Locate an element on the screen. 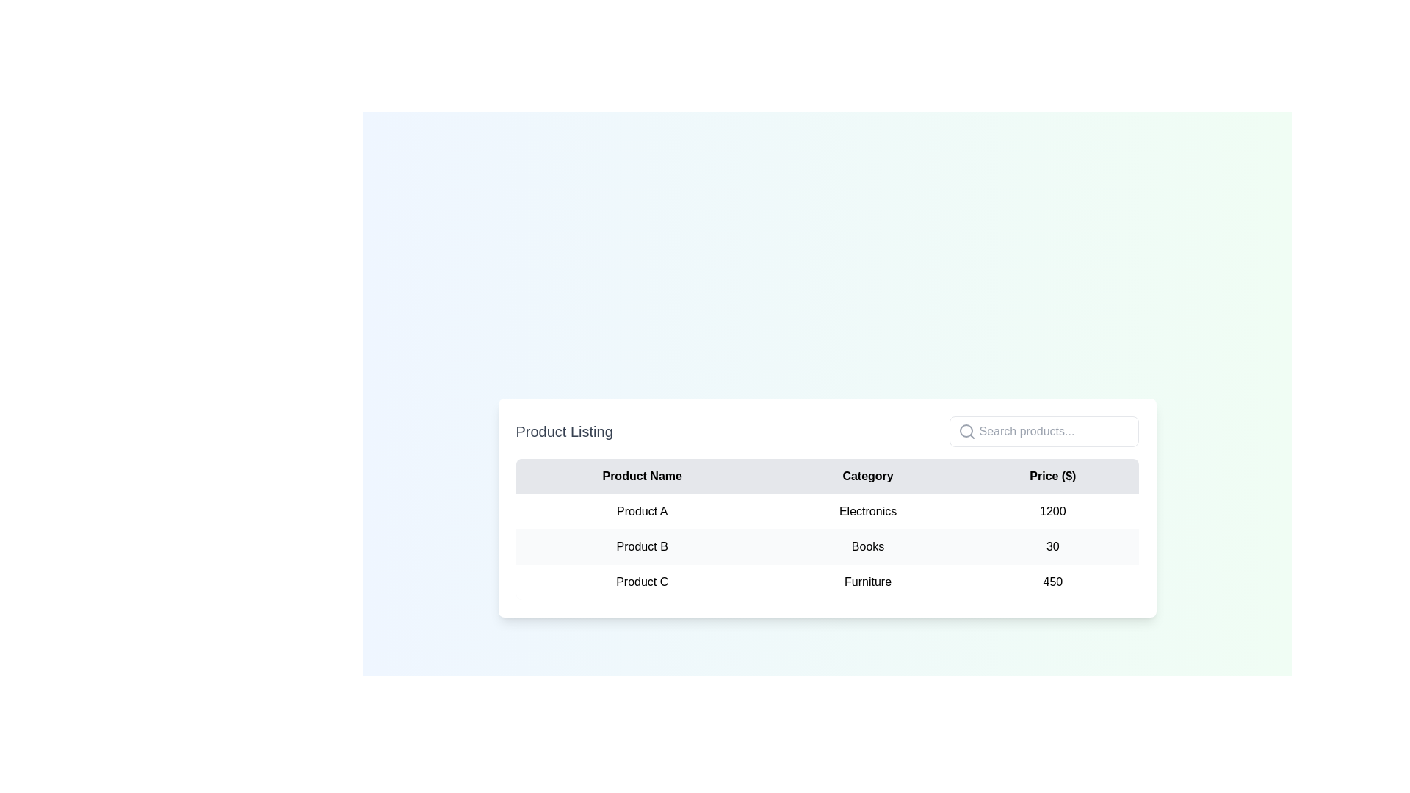 The width and height of the screenshot is (1410, 793). the static text label 'Category' in the table header, which is the second item from the left, adjacent to 'Product Name' and 'Price ($)', with a light gray background and bold black text is located at coordinates (868, 476).